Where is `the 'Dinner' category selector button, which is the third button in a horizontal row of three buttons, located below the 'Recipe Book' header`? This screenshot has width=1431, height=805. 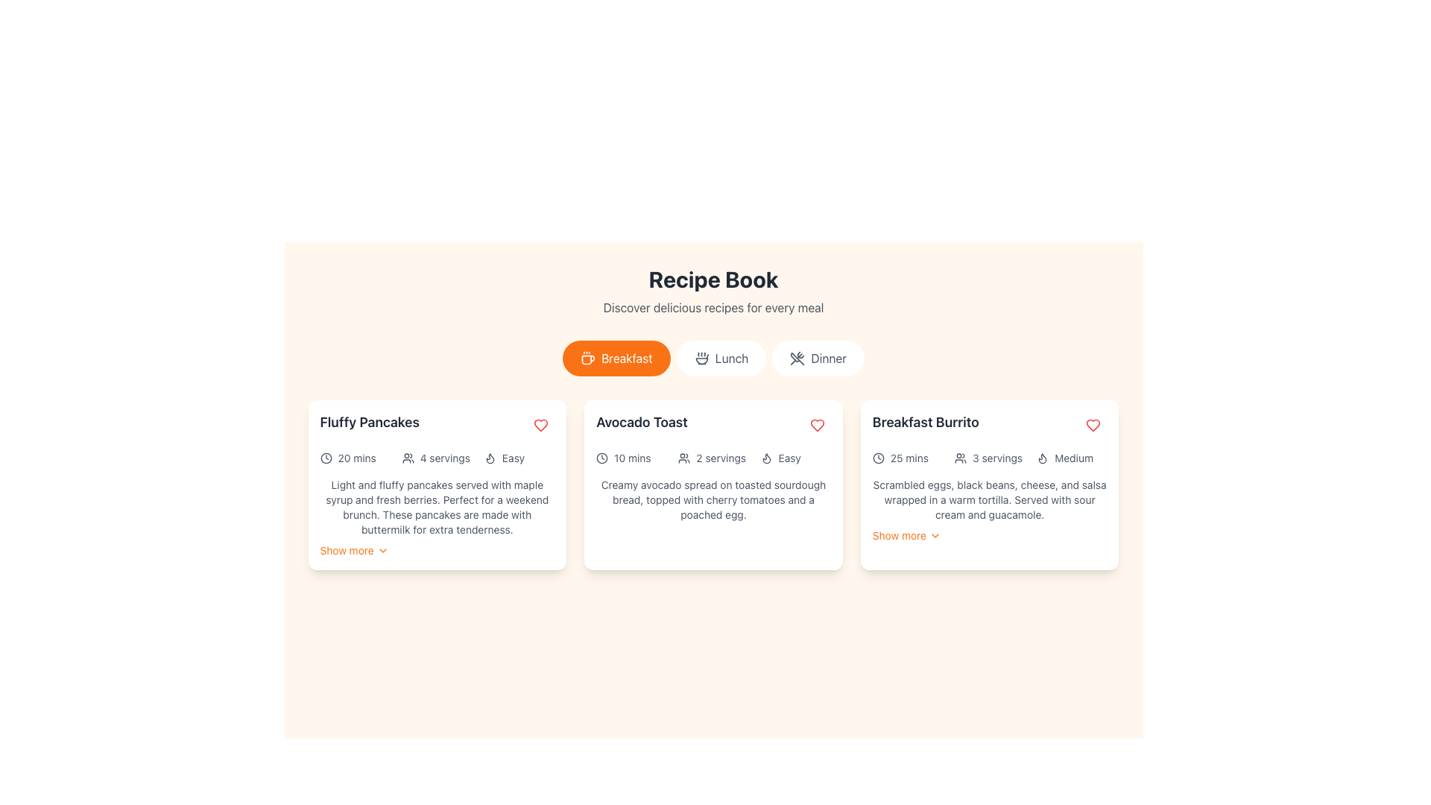 the 'Dinner' category selector button, which is the third button in a horizontal row of three buttons, located below the 'Recipe Book' header is located at coordinates (818, 359).